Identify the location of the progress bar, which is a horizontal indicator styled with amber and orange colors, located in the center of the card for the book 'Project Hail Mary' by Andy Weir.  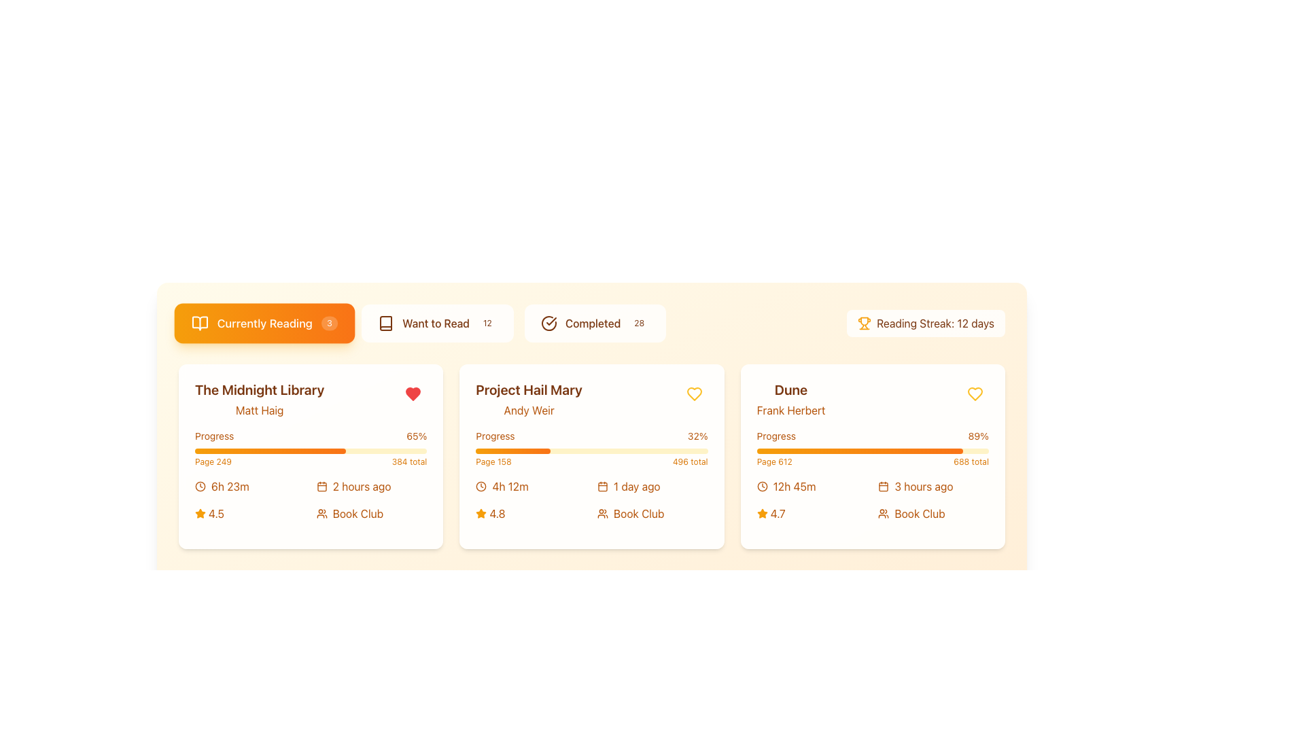
(591, 448).